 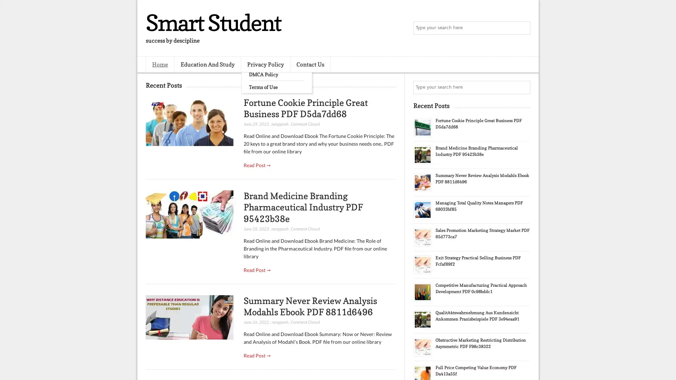 I want to click on Search, so click(x=523, y=28).